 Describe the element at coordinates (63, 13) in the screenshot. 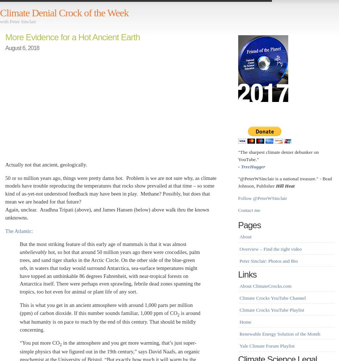

I see `'Climate Denial Crock of the Week'` at that location.